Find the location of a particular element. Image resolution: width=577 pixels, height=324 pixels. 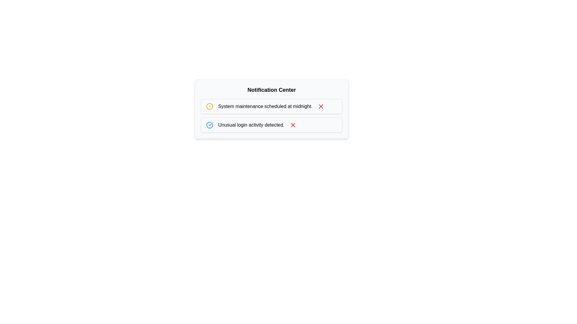

the checkmark icon within the circular frame in the second notification entry of the Notification Center to indicate success or completion is located at coordinates (211, 124).